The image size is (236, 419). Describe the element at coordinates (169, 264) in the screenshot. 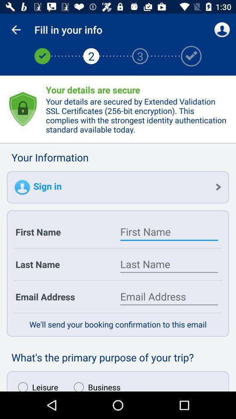

I see `last name` at that location.